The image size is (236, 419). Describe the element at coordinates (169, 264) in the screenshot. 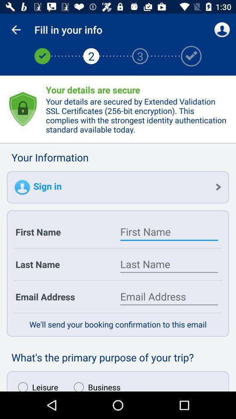

I see `last name` at that location.